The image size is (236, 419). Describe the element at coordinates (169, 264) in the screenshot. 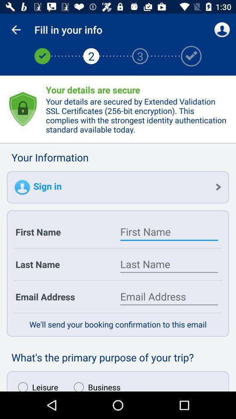

I see `last name` at that location.